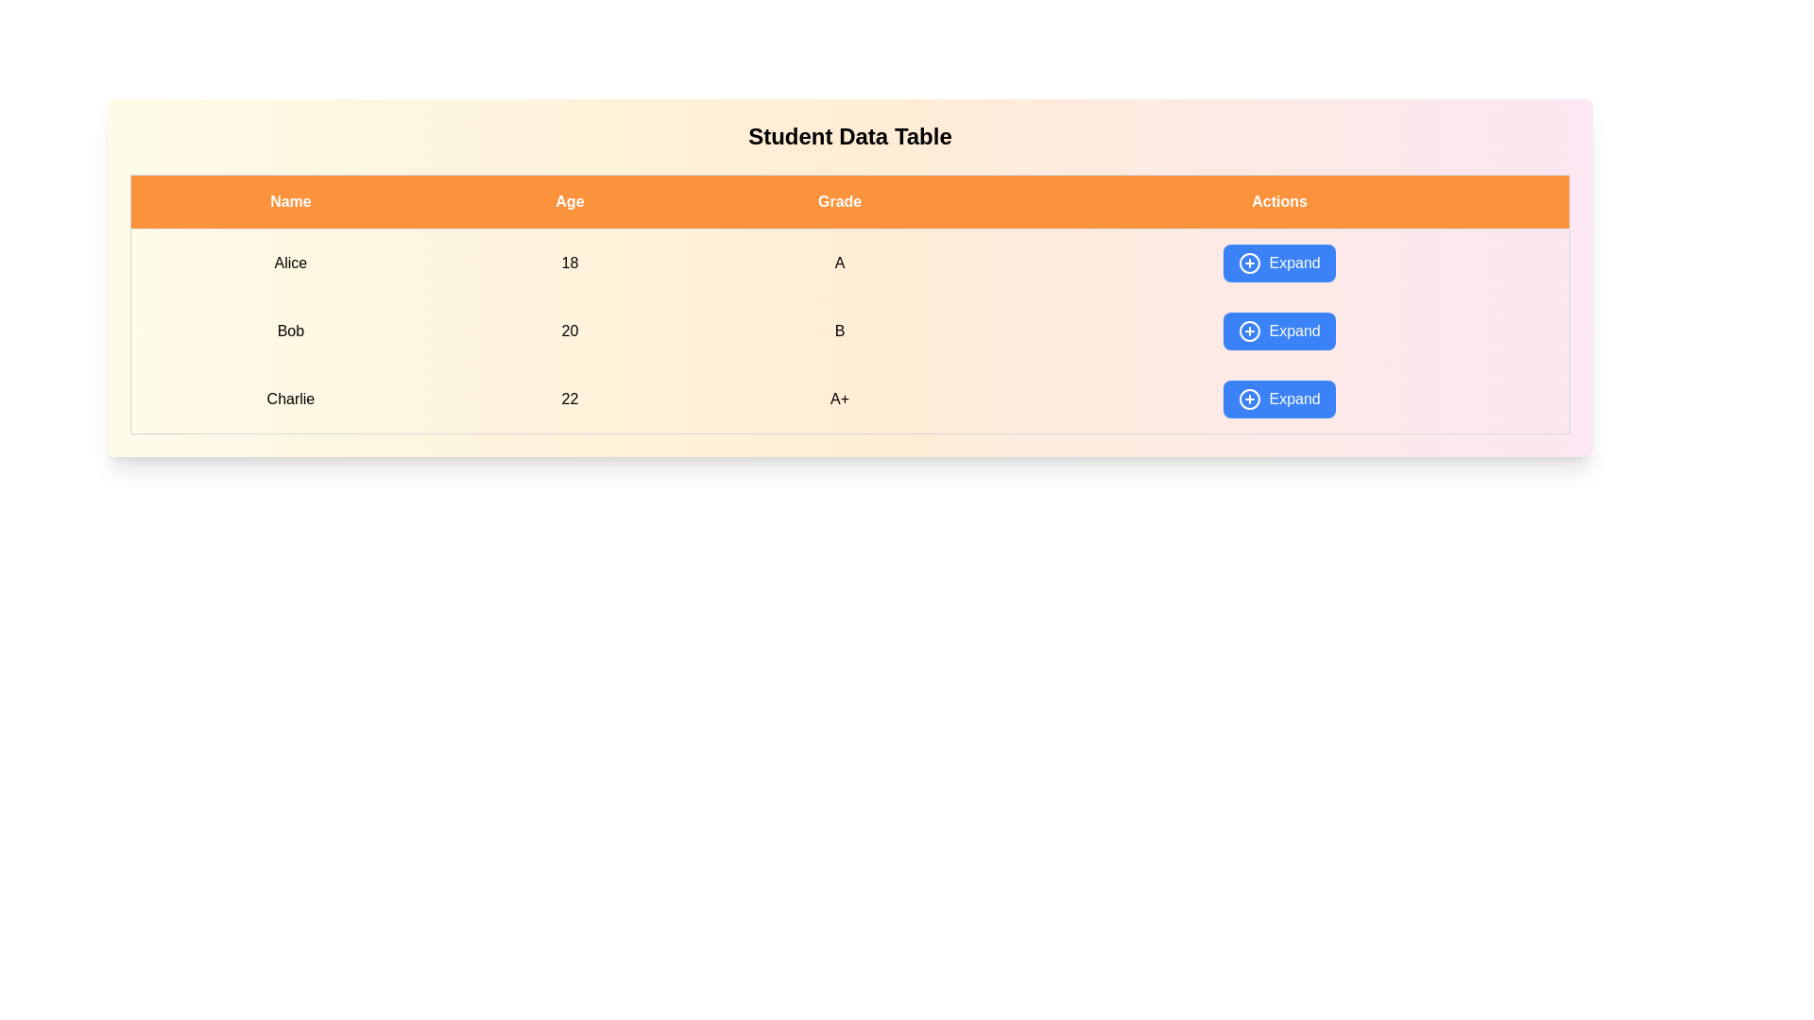  Describe the element at coordinates (1279, 331) in the screenshot. I see `the second 'Expand' button in the 'Actions' column associated with the 'Bob' entry` at that location.